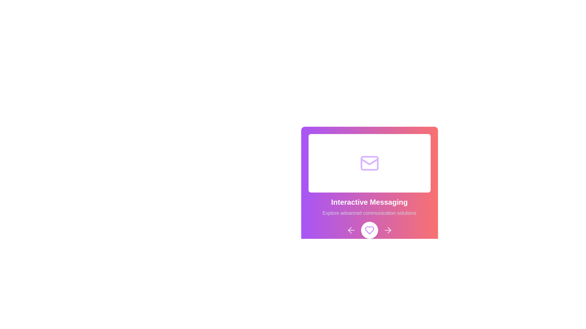 The height and width of the screenshot is (329, 586). I want to click on the modern styled button for 'like' or 'favorite' action located below 'Interactive Messaging', so click(369, 230).